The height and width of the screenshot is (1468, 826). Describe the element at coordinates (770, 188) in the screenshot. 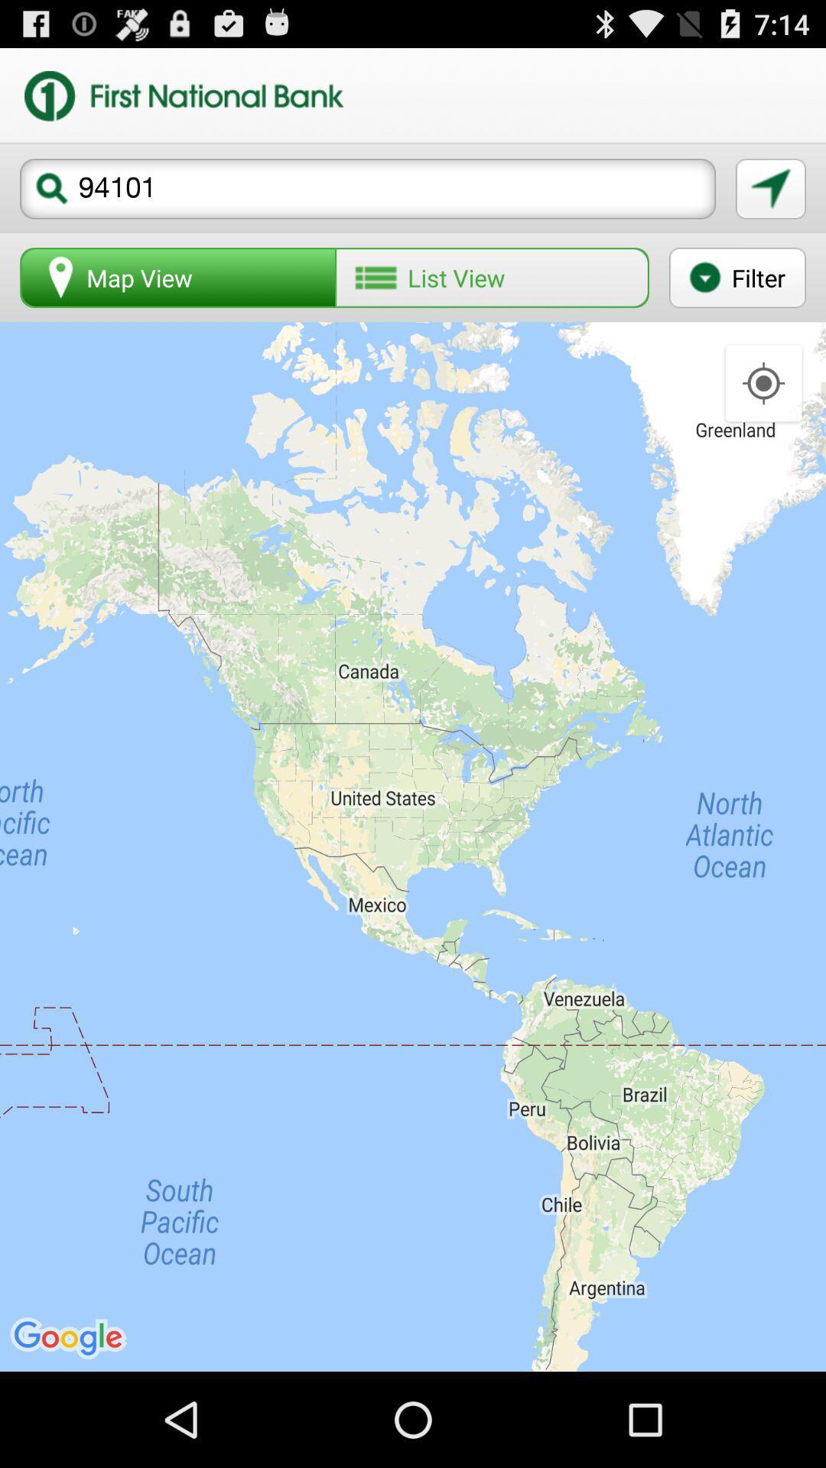

I see `button` at that location.